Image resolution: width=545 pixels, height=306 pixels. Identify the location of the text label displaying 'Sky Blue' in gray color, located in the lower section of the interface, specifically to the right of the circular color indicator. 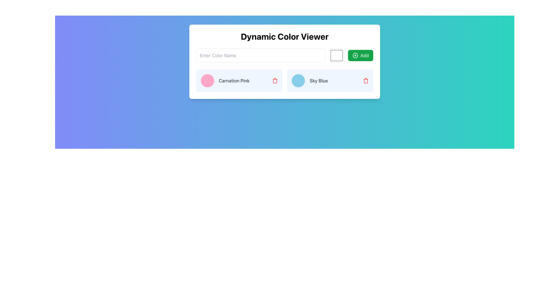
(319, 81).